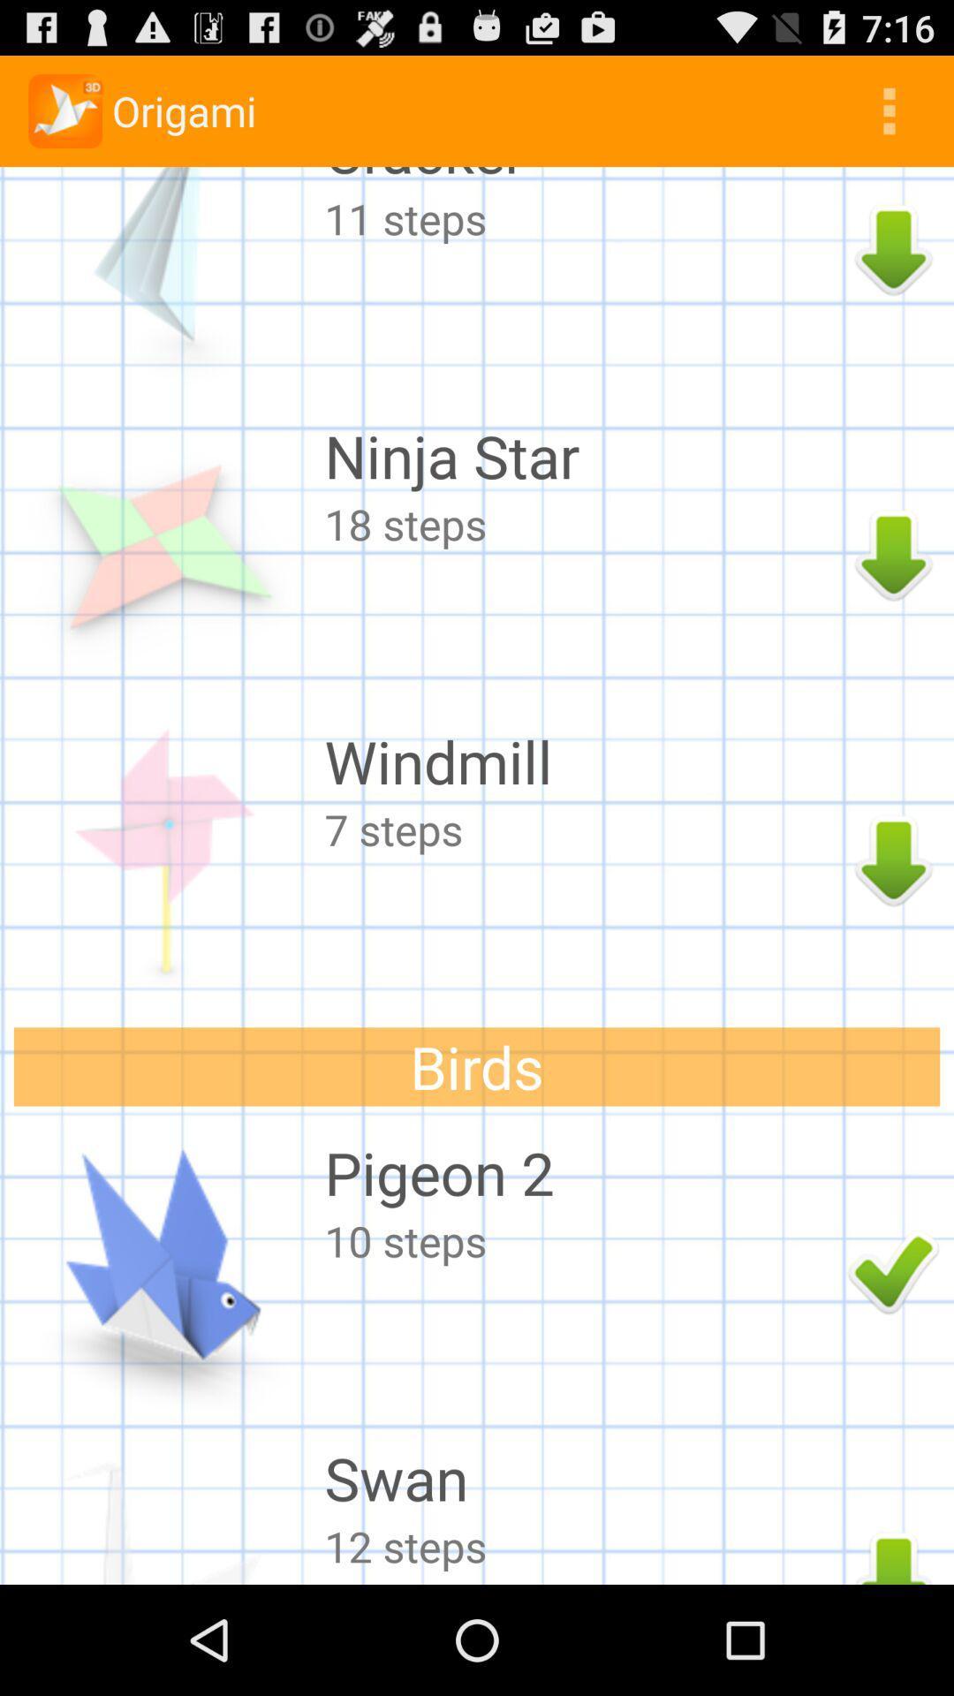 Image resolution: width=954 pixels, height=1696 pixels. Describe the element at coordinates (581, 1239) in the screenshot. I see `the item above the swan item` at that location.